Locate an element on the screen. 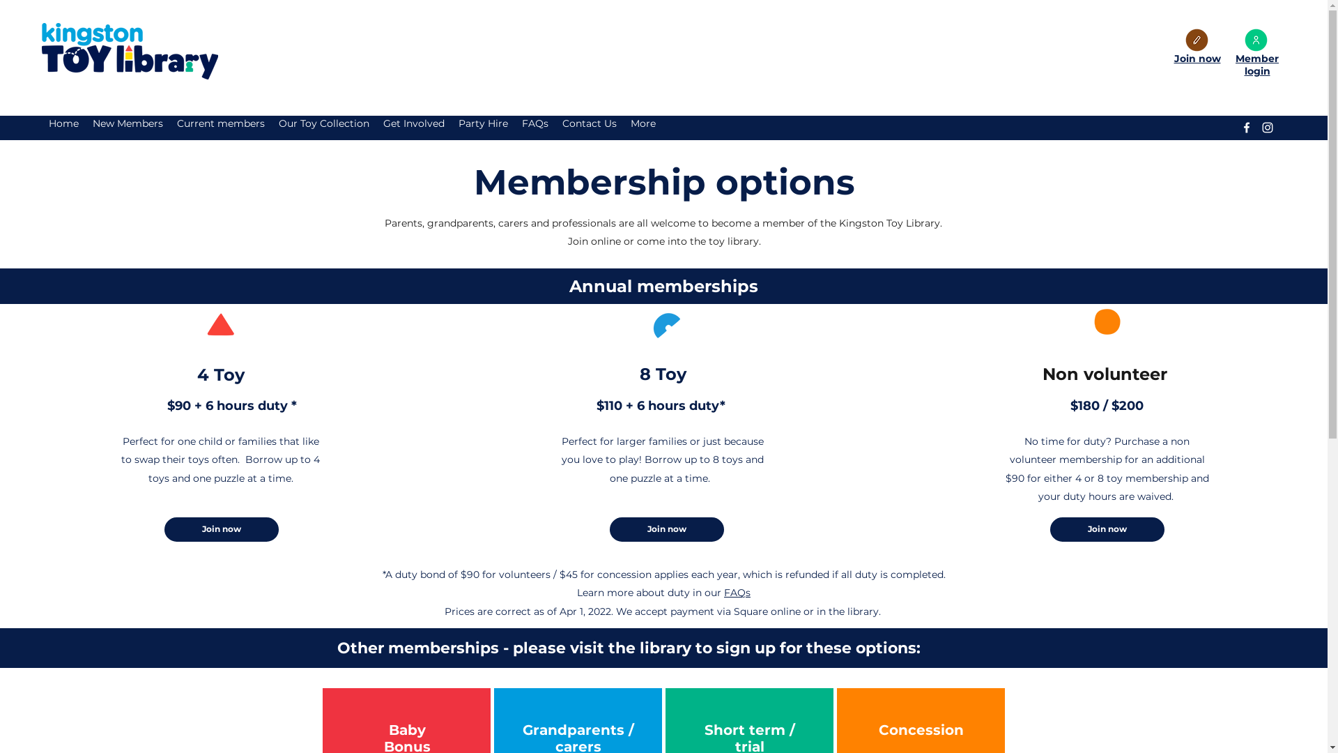 The image size is (1338, 753). 'New Members' is located at coordinates (85, 127).